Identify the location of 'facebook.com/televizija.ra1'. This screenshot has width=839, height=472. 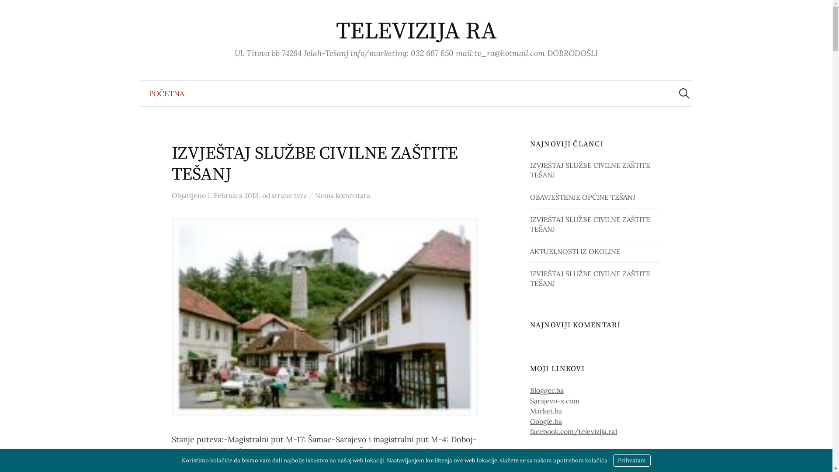
(574, 431).